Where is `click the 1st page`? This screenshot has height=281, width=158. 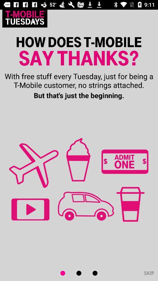 click the 1st page is located at coordinates (66, 273).